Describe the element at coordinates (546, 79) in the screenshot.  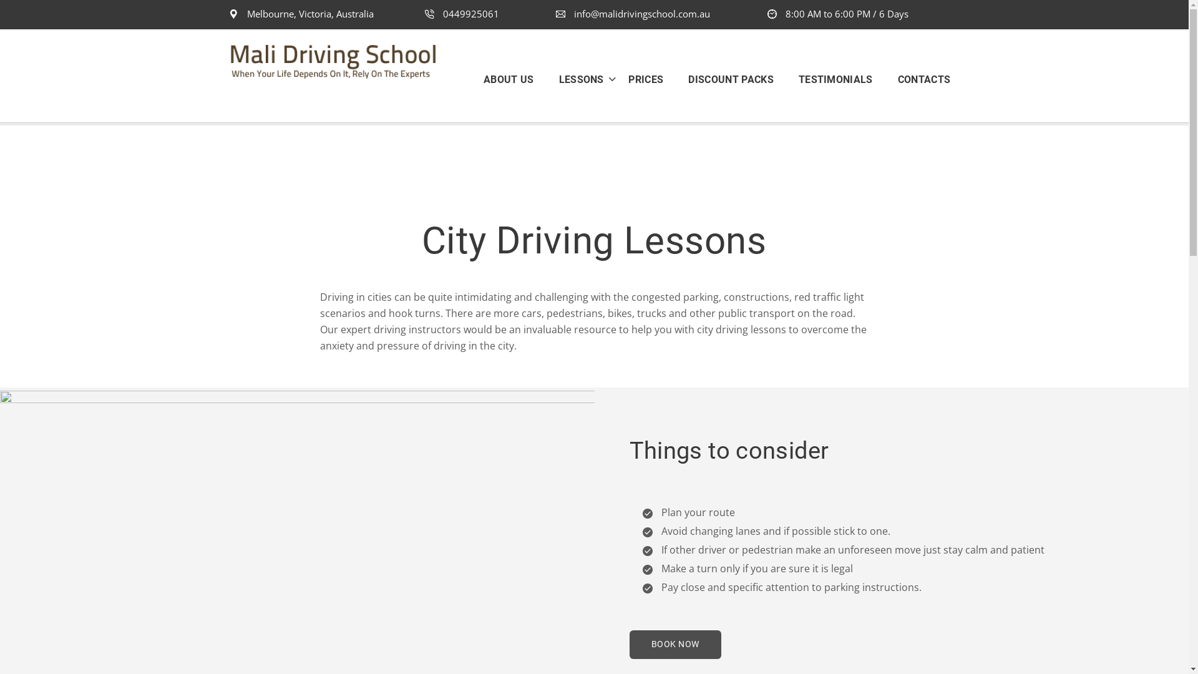
I see `'LESSONS'` at that location.